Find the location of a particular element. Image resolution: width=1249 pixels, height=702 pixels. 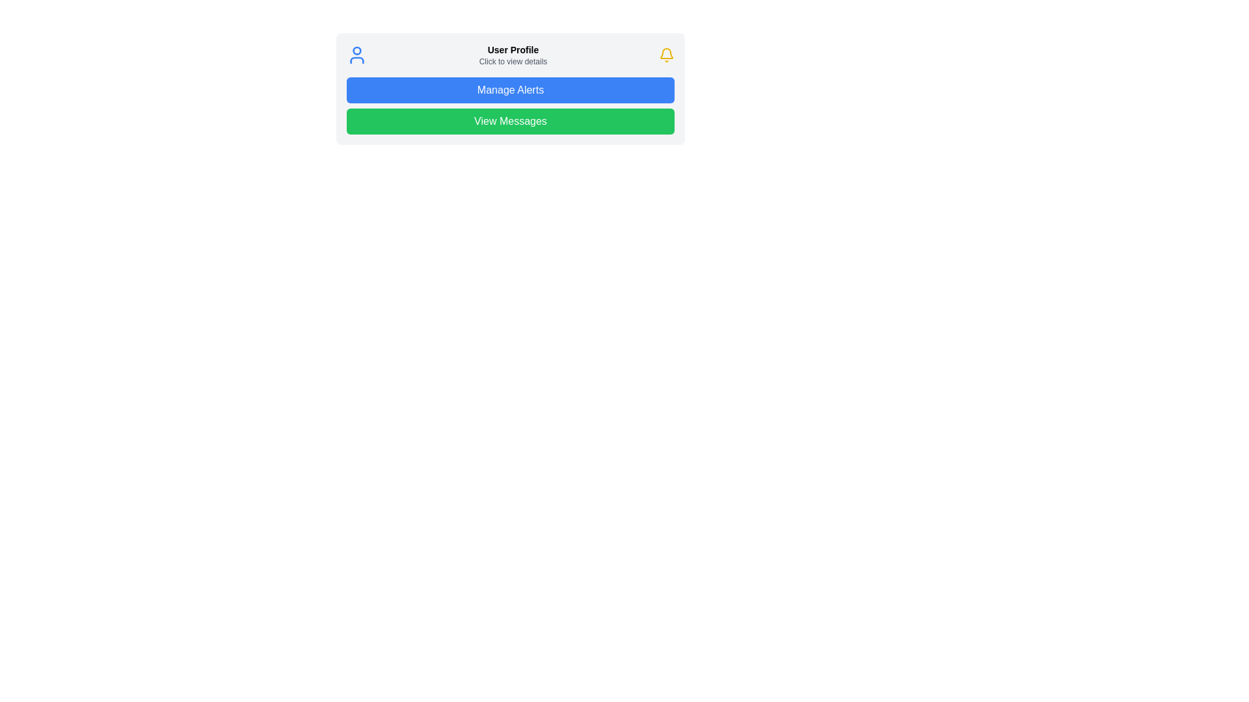

the informational panel displaying 'User Profile' is located at coordinates (510, 54).